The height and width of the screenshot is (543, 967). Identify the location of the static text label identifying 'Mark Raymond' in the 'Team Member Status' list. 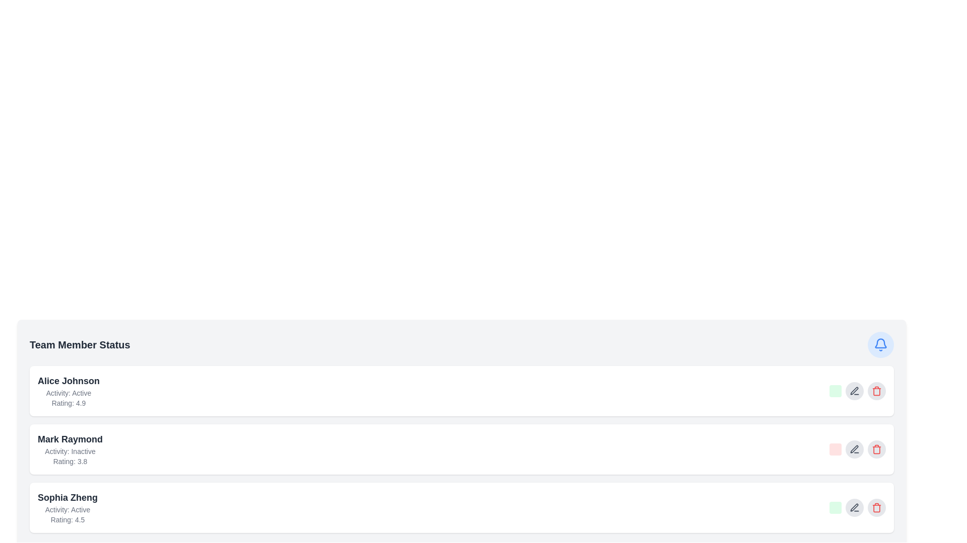
(70, 439).